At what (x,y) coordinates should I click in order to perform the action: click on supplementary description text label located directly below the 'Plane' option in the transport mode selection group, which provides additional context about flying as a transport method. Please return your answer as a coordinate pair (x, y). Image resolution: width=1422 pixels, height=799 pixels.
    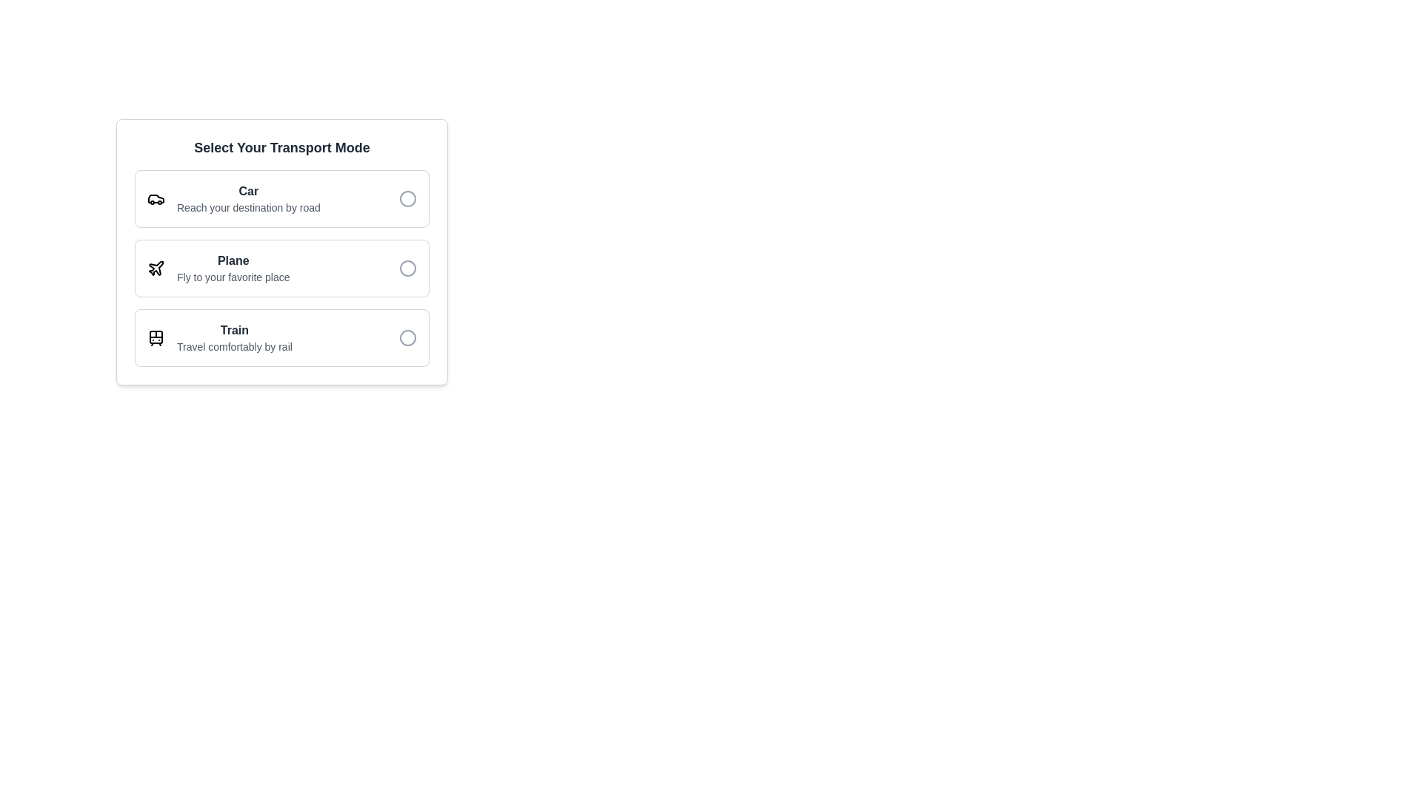
    Looking at the image, I should click on (233, 277).